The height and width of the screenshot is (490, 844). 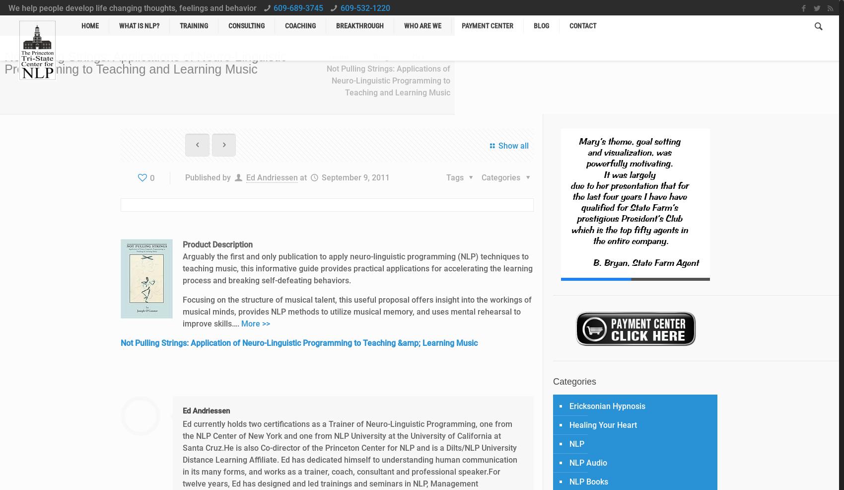 I want to click on 'Published by', so click(x=208, y=177).